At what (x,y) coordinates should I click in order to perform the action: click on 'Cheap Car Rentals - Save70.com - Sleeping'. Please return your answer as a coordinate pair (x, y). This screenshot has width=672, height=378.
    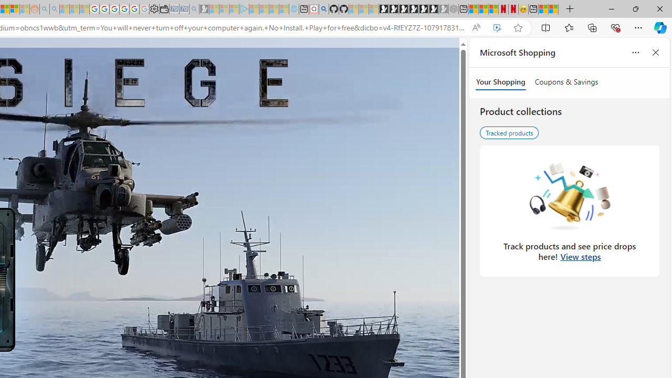
    Looking at the image, I should click on (184, 9).